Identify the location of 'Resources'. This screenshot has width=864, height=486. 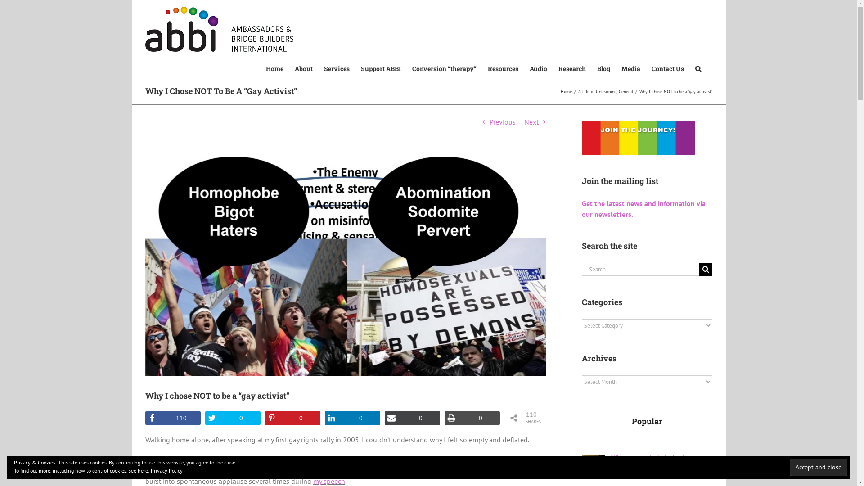
(503, 67).